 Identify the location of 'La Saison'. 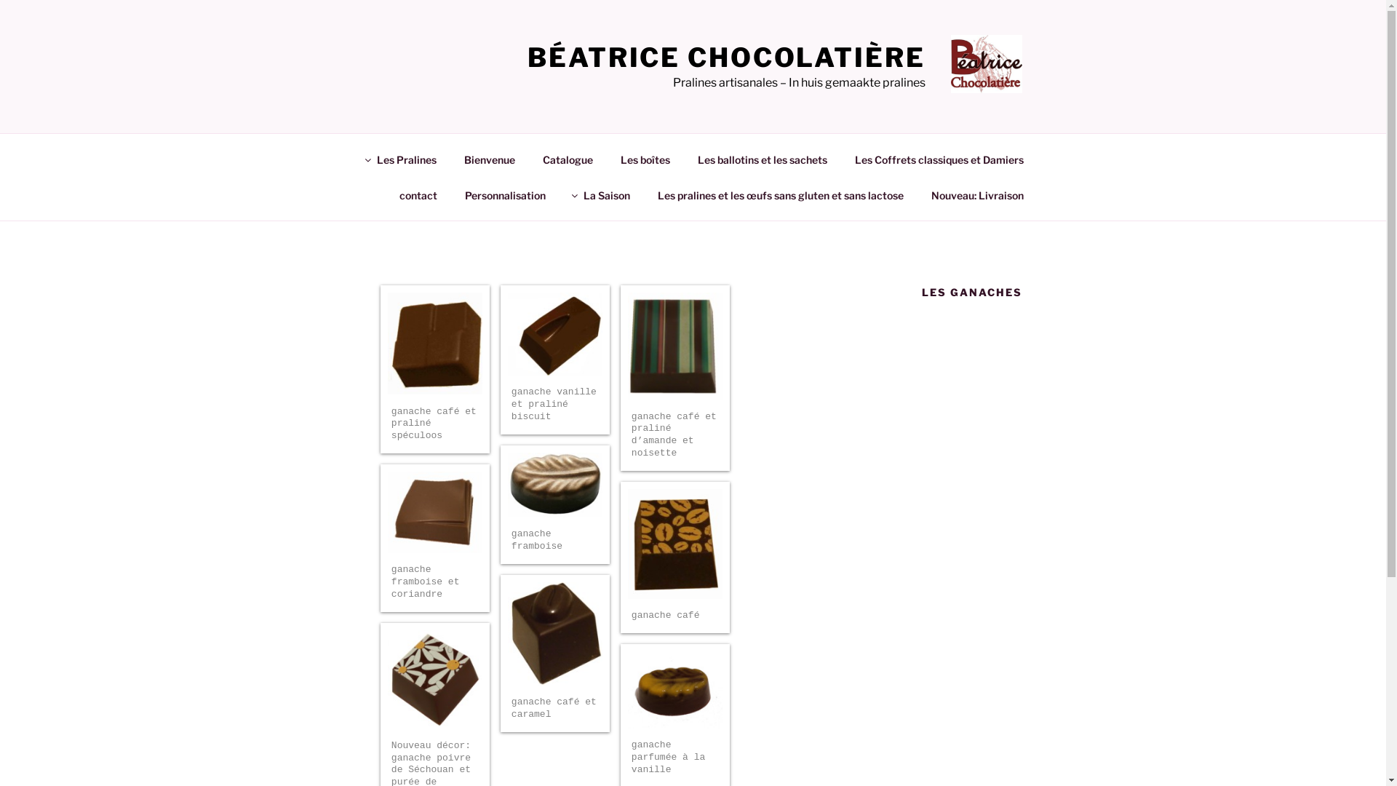
(601, 194).